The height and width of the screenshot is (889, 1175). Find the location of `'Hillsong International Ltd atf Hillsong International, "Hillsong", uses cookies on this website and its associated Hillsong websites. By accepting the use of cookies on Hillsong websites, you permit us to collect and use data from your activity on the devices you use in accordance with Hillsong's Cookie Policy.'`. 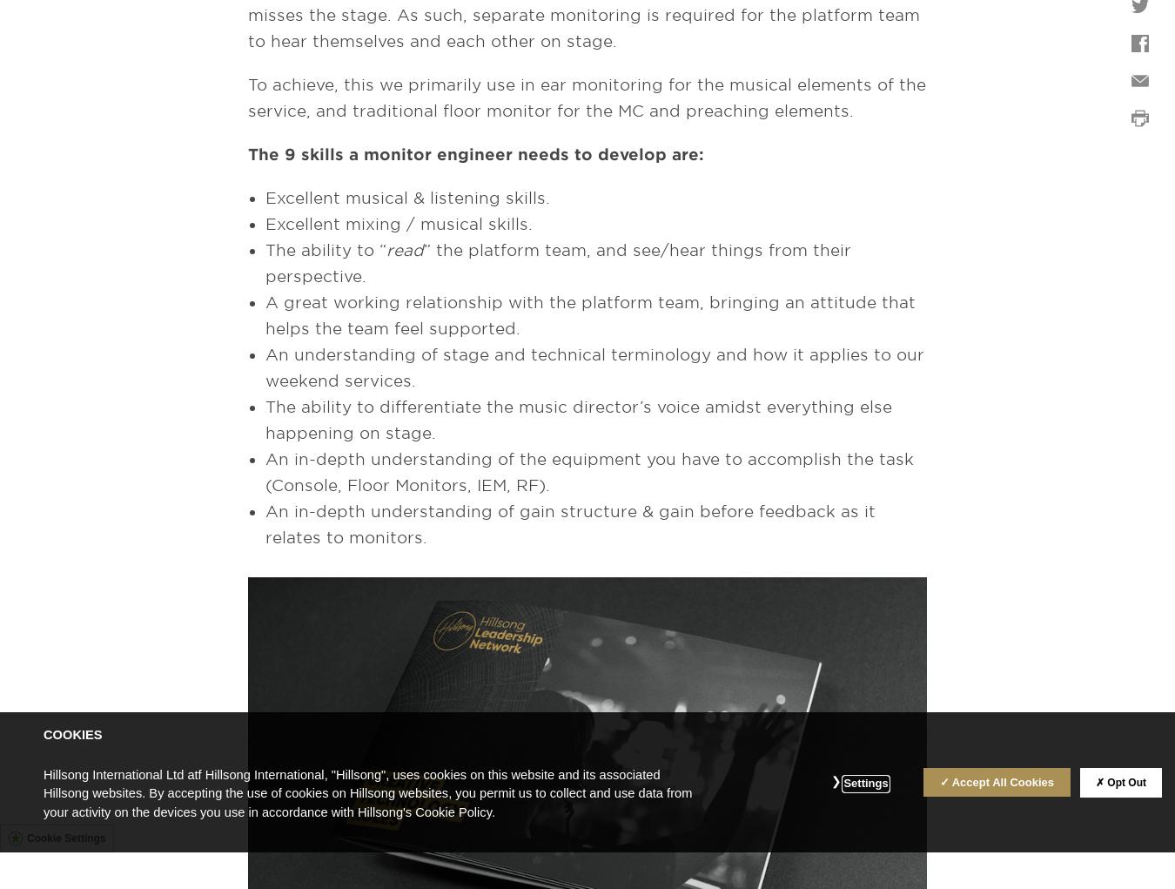

'Hillsong International Ltd atf Hillsong International, "Hillsong", uses cookies on this website and its associated Hillsong websites. By accepting the use of cookies on Hillsong websites, you permit us to collect and use data from your activity on the devices you use in accordance with Hillsong's Cookie Policy.' is located at coordinates (367, 793).